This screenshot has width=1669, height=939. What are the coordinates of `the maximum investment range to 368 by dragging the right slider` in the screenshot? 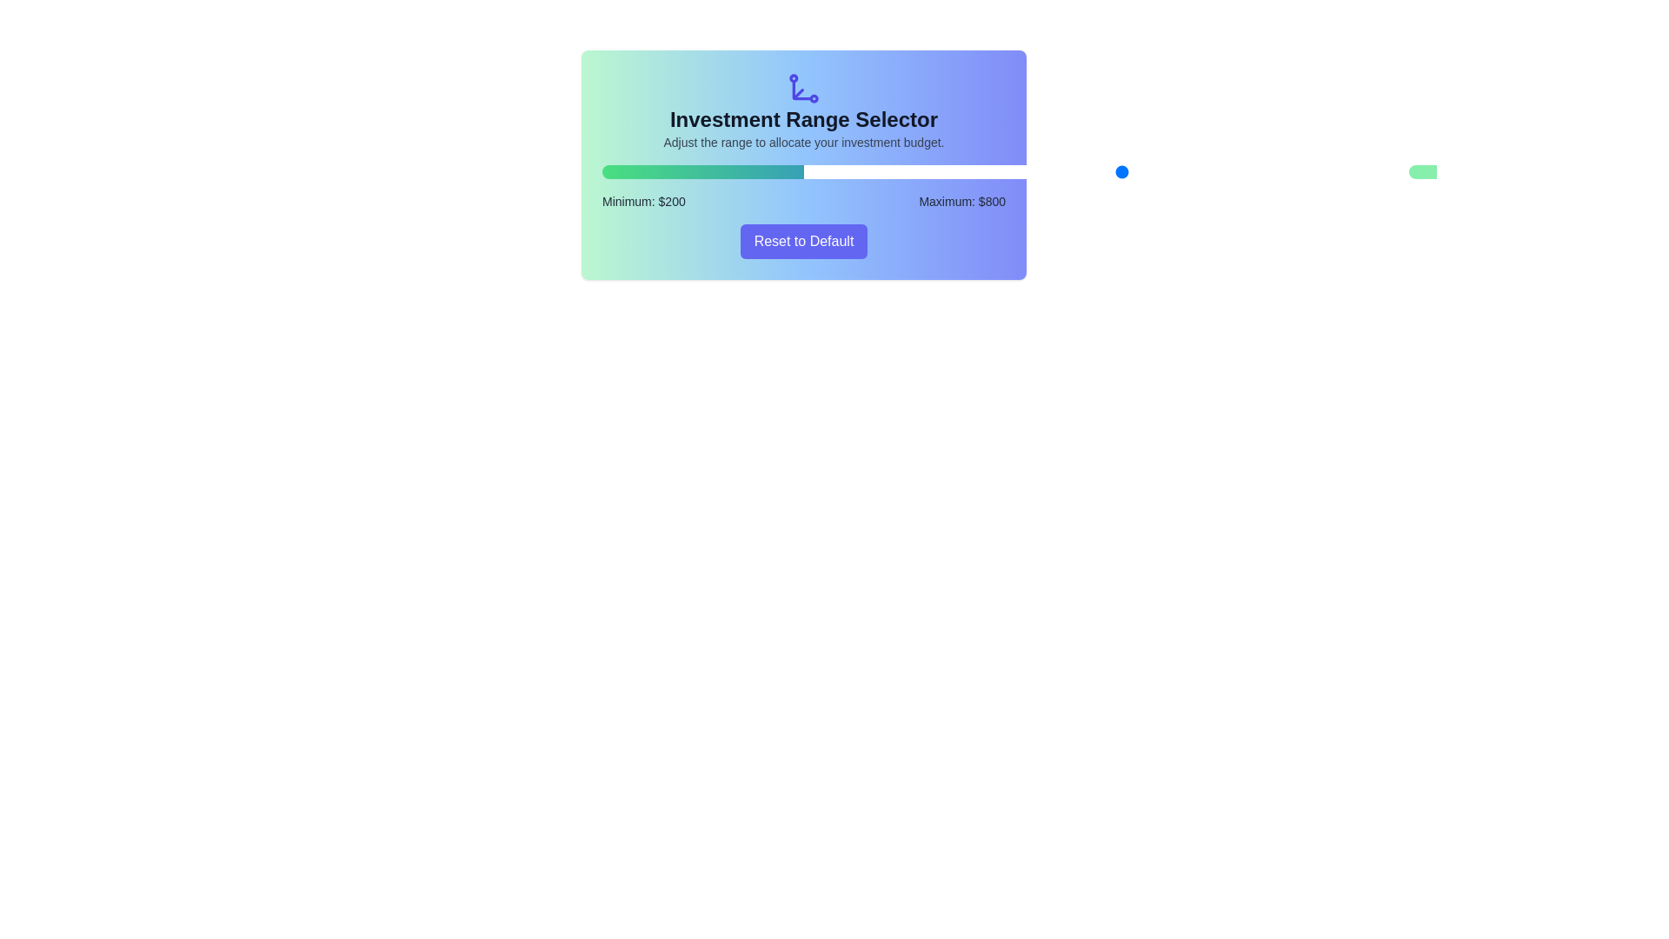 It's located at (915, 171).